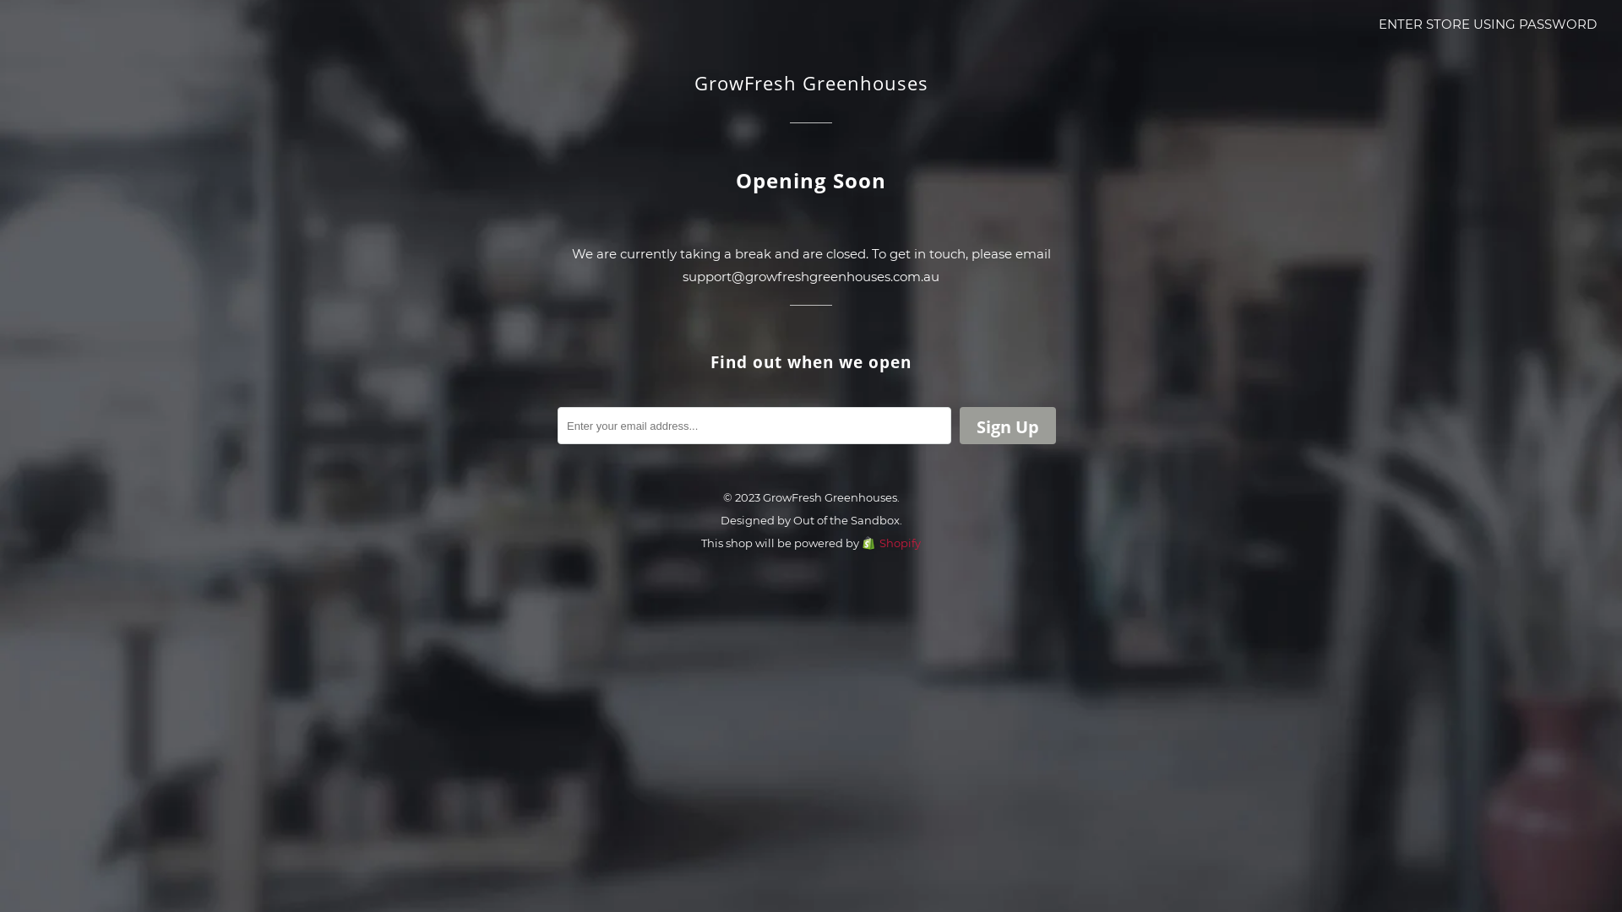 This screenshot has height=912, width=1622. Describe the element at coordinates (1488, 24) in the screenshot. I see `'ENTER STORE USING PASSWORD'` at that location.